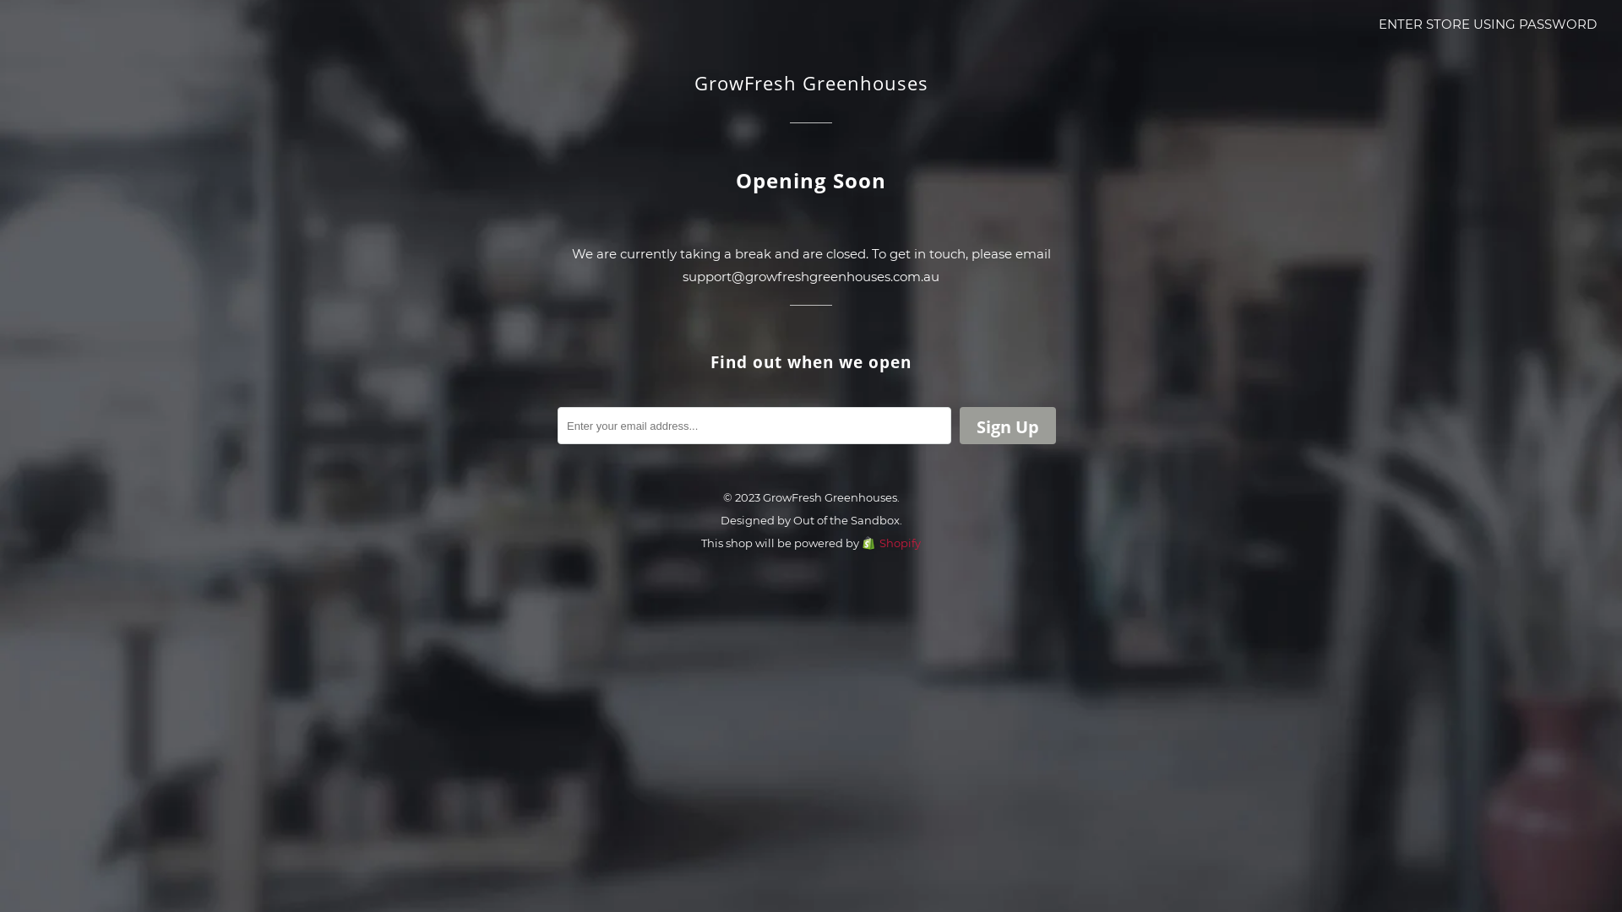 This screenshot has height=912, width=1622. Describe the element at coordinates (1488, 24) in the screenshot. I see `'ENTER STORE USING PASSWORD'` at that location.